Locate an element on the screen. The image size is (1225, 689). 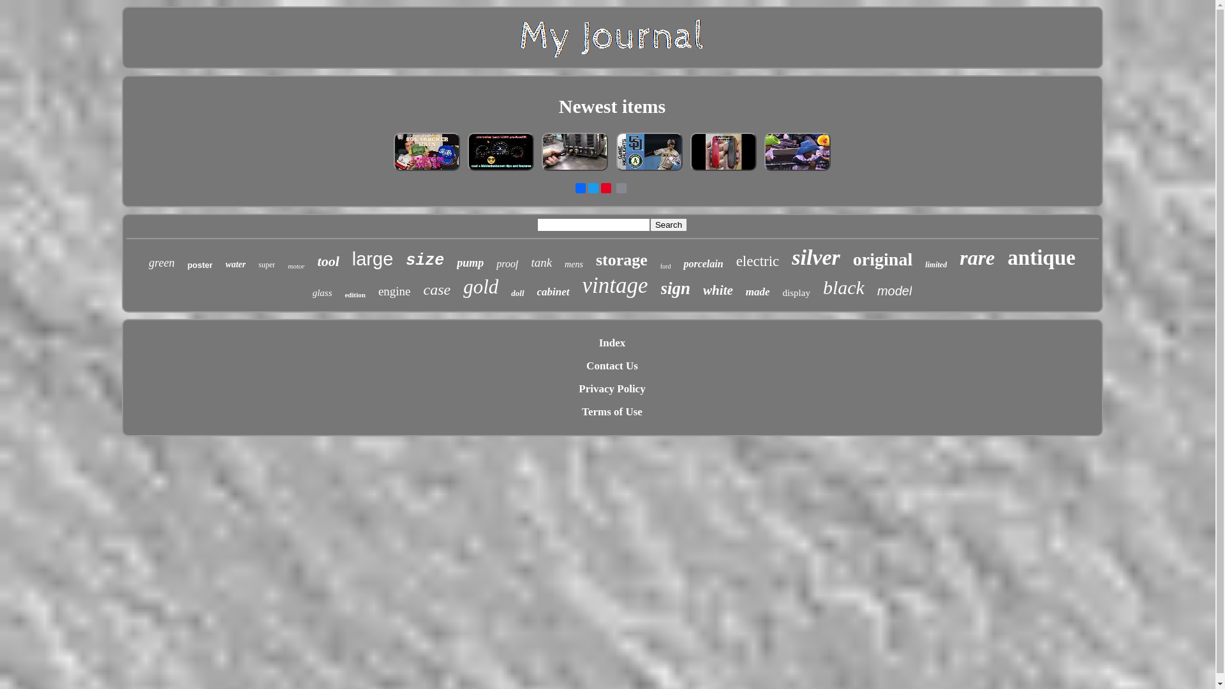
'size' is located at coordinates (425, 260).